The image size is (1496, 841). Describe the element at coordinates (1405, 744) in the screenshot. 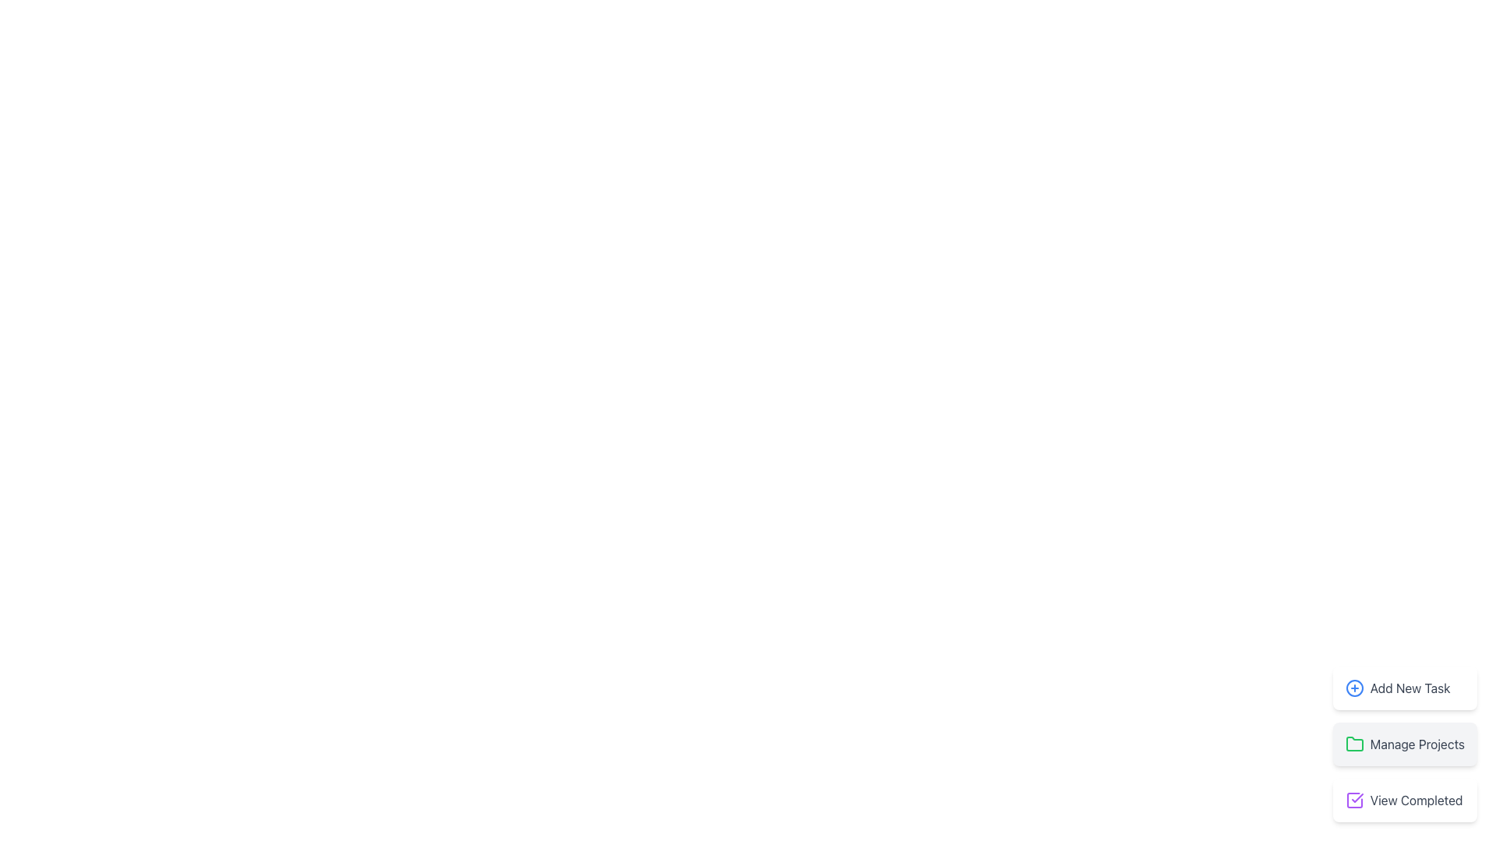

I see `the project management button located in the bottom-right corner of the interface, which is the second button in a vertical stack of three buttons` at that location.